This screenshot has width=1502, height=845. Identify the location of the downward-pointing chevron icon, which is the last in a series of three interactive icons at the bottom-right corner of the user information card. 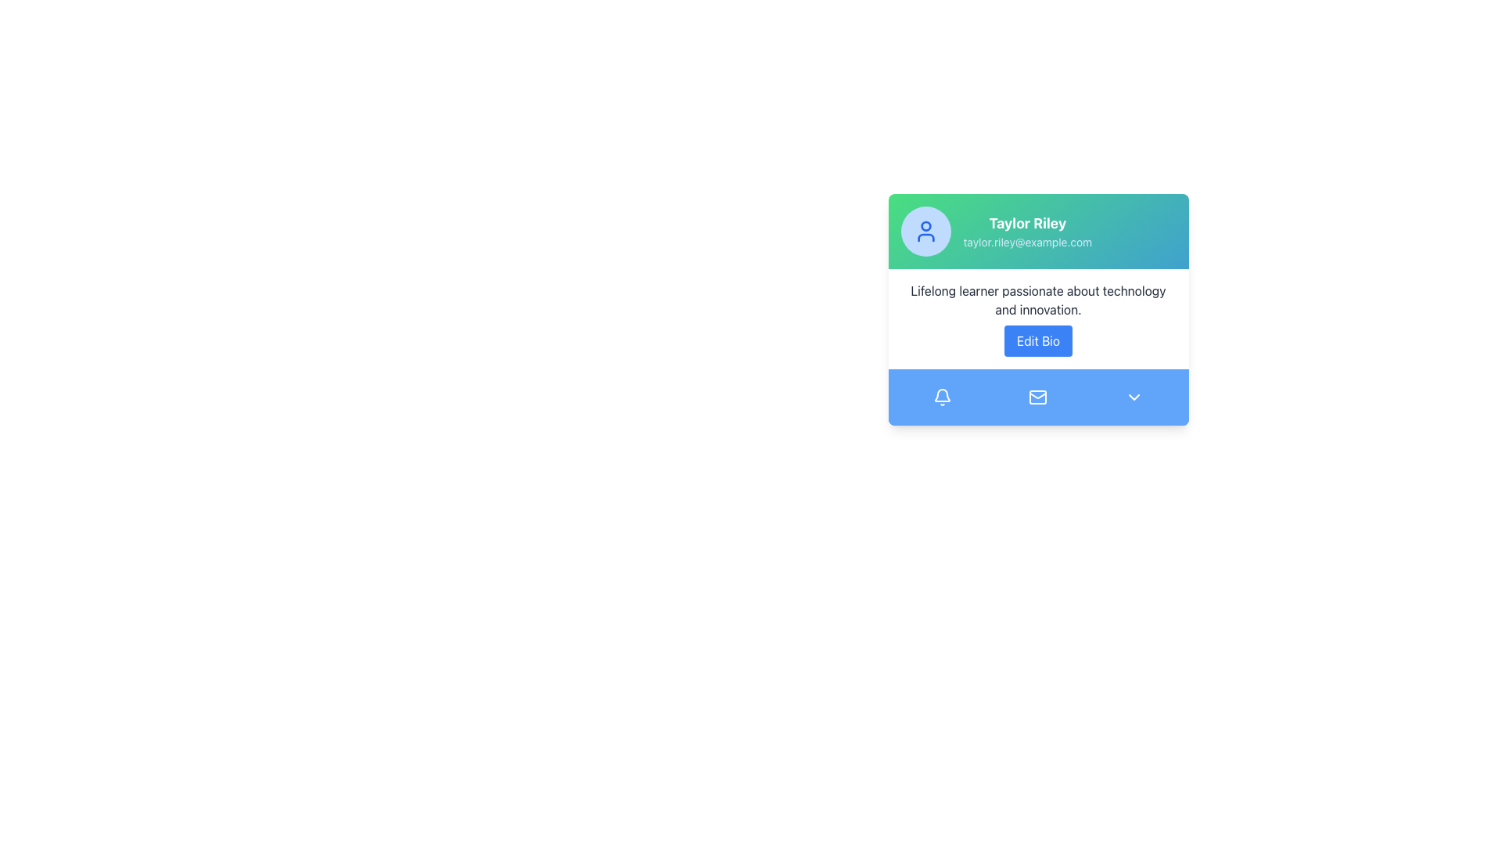
(1134, 397).